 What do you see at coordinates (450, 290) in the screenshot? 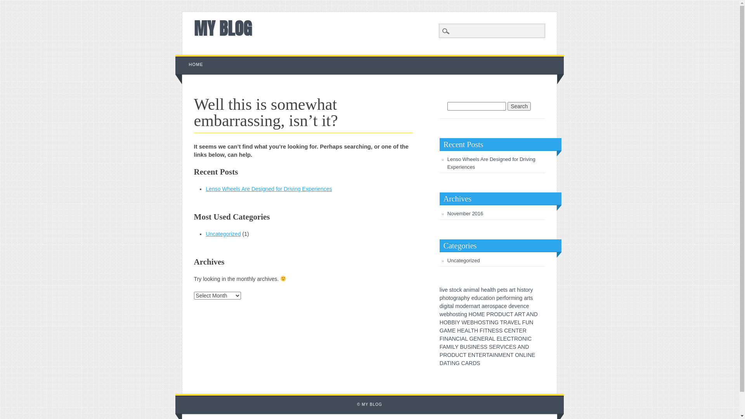
I see `'s'` at bounding box center [450, 290].